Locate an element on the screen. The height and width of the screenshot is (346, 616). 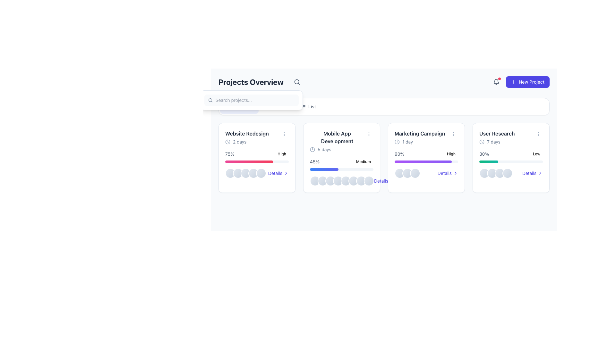
the decorative circular UI component with a gradient from light to medium gray and a white border, located in the second card under 'Mobile App Development' is located at coordinates (338, 181).